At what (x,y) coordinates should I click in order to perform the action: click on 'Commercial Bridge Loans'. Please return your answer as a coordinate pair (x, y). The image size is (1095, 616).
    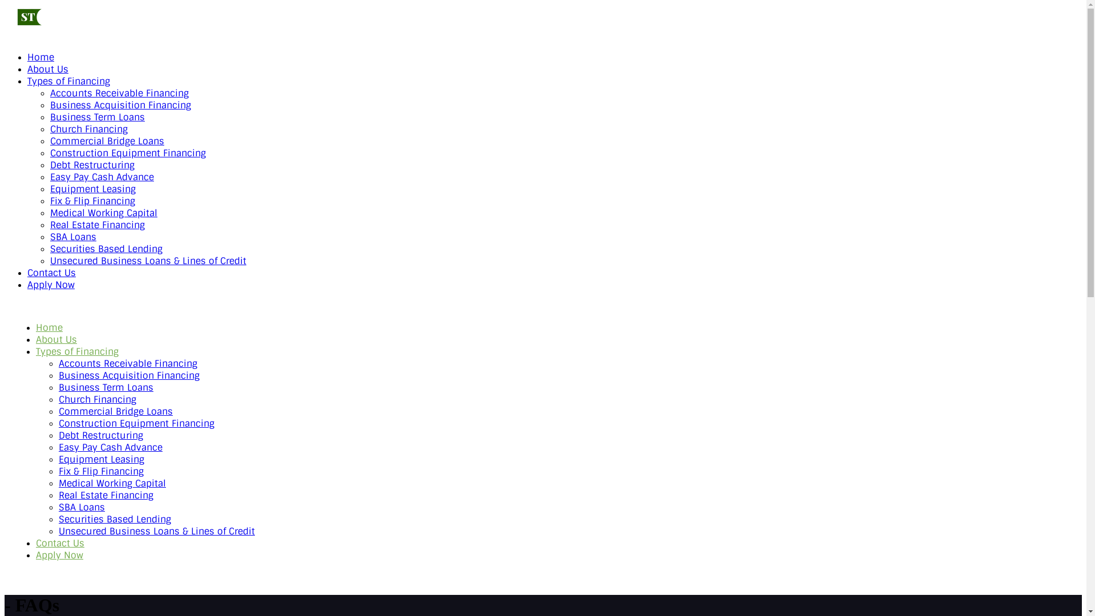
    Looking at the image, I should click on (115, 411).